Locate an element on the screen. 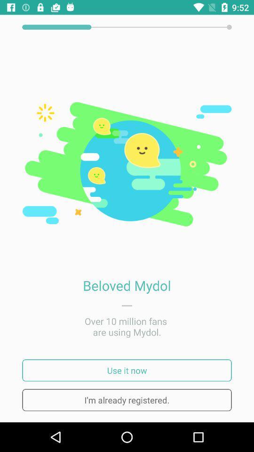 The image size is (254, 452). icon below use it now item is located at coordinates (127, 399).